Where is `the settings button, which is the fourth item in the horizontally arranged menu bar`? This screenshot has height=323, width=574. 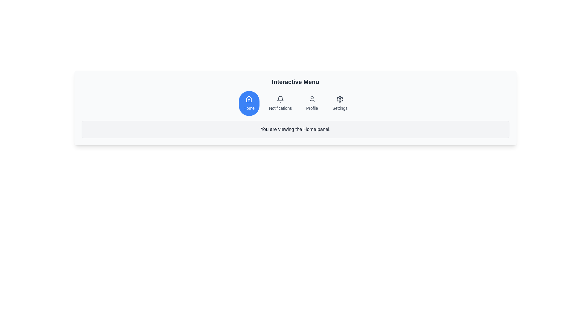 the settings button, which is the fourth item in the horizontally arranged menu bar is located at coordinates (340, 103).